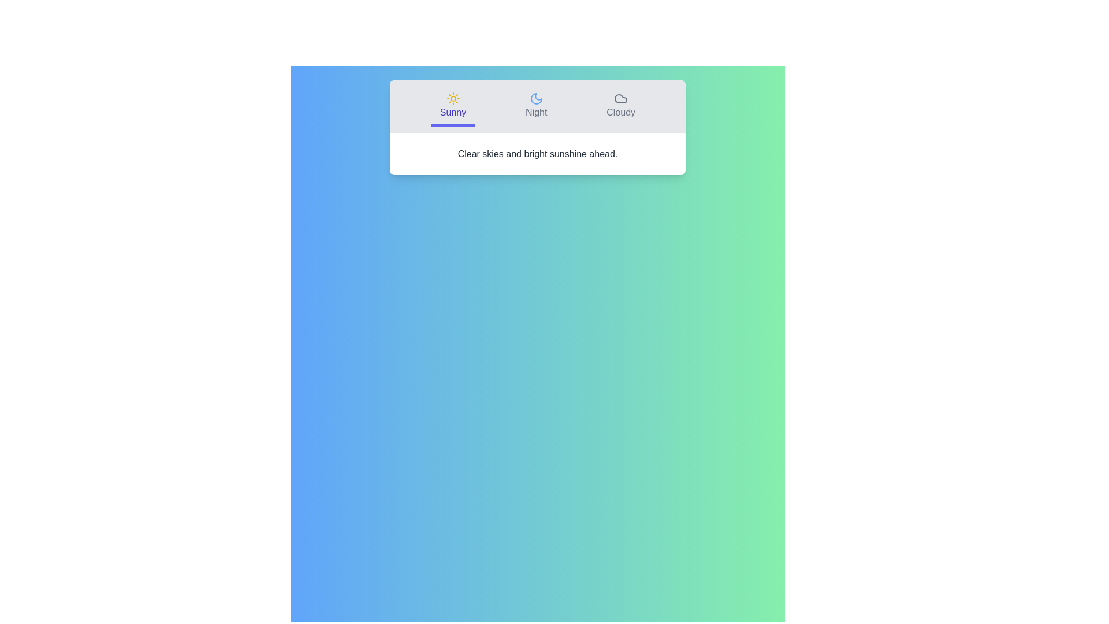  I want to click on the Night tab to select it, so click(535, 107).